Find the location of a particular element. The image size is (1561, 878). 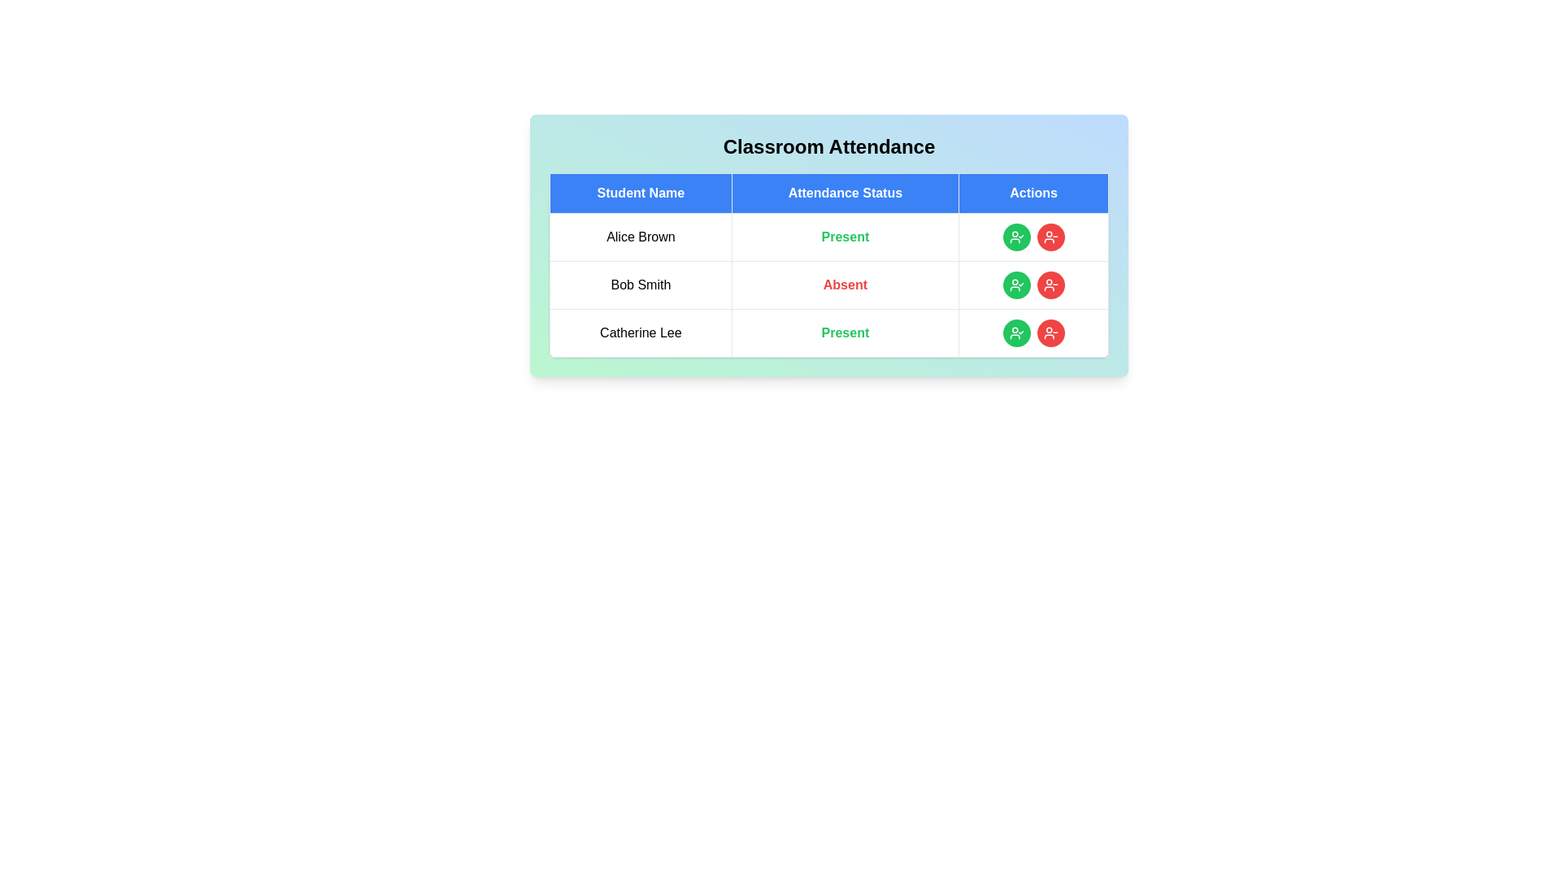

'Mark Present' button for the student identified by Alice Brown is located at coordinates (1015, 237).